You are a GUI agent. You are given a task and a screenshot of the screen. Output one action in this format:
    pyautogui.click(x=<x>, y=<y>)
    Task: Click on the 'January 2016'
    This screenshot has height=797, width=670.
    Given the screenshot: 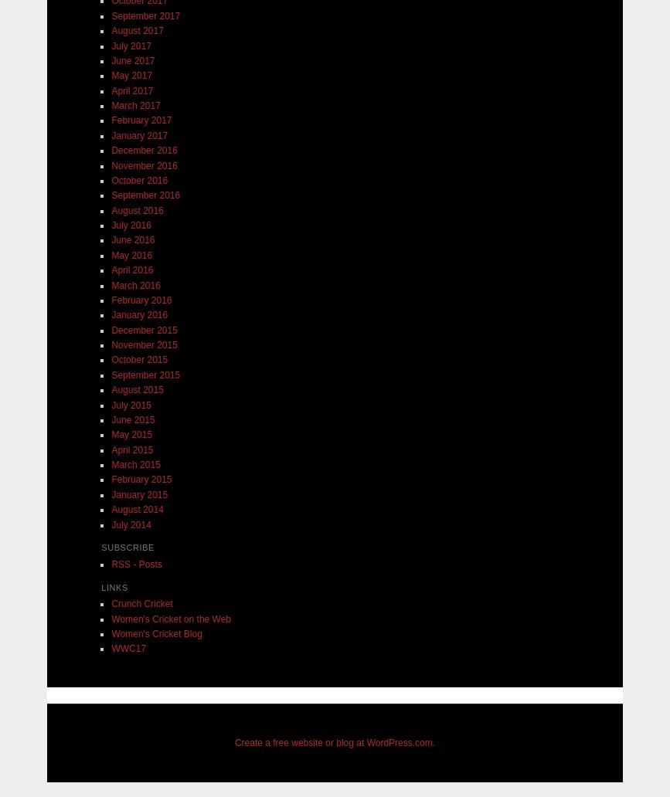 What is the action you would take?
    pyautogui.click(x=111, y=314)
    